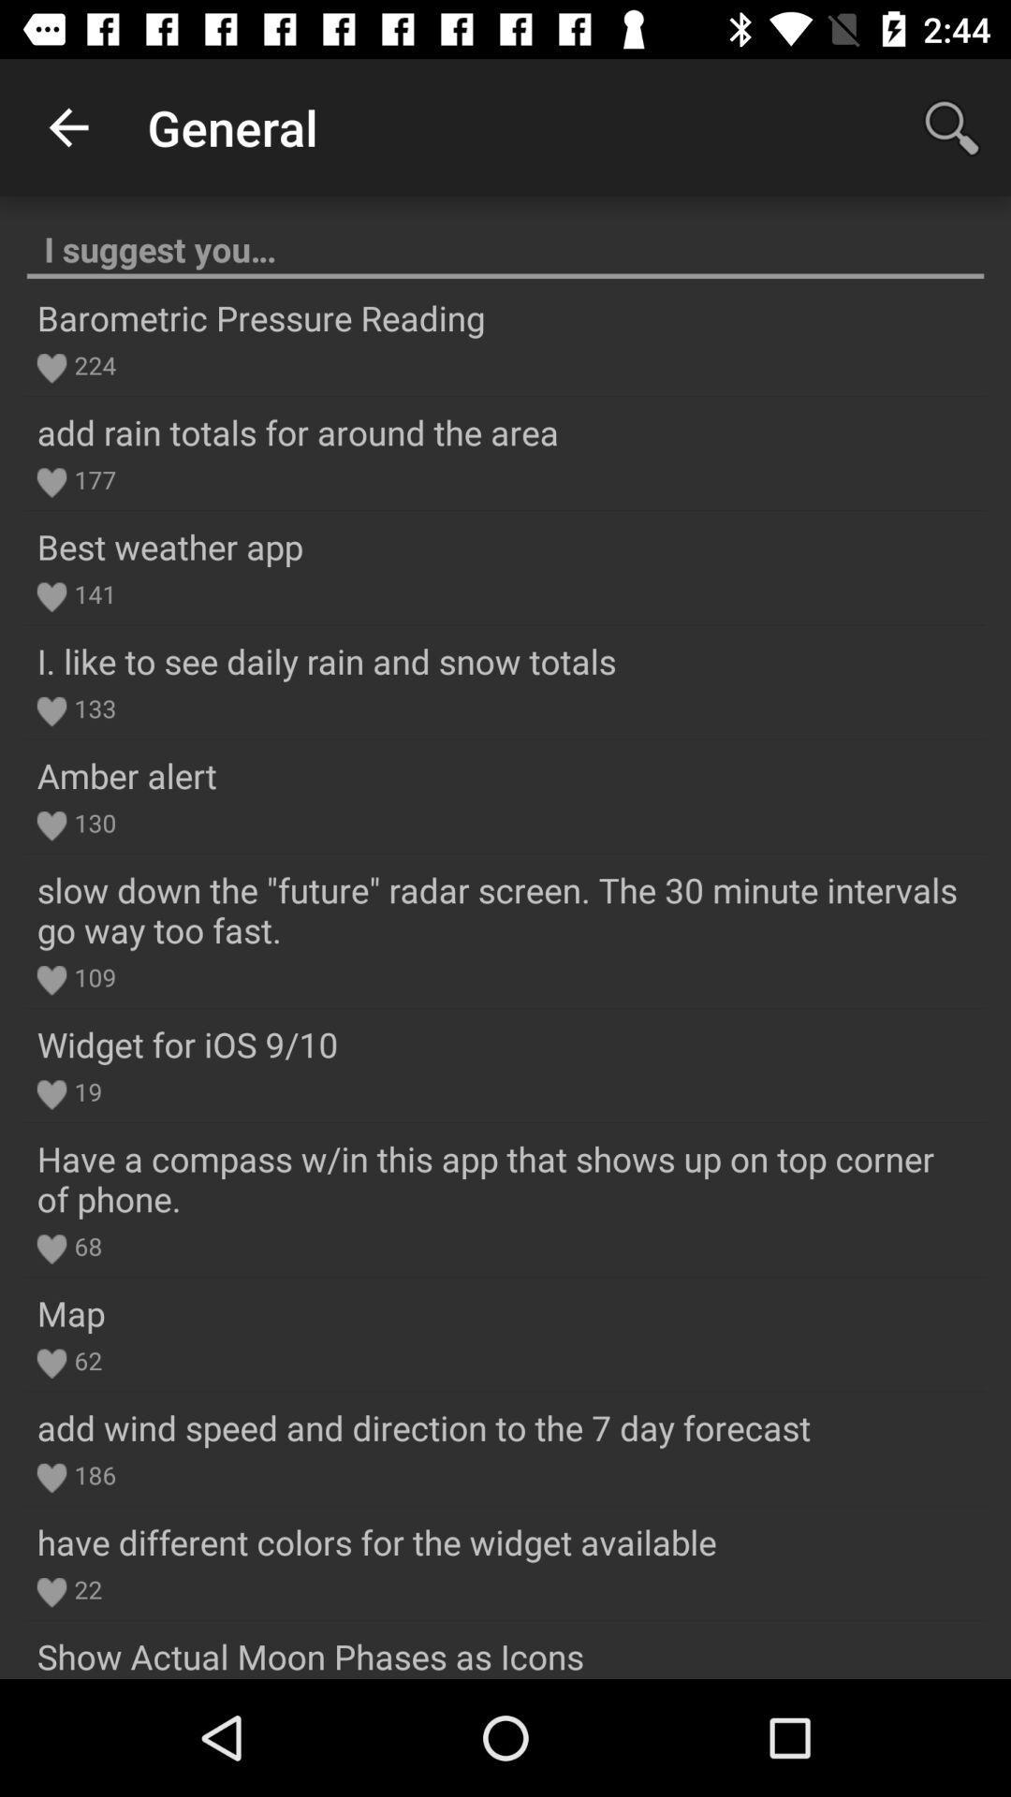 The image size is (1011, 1797). Describe the element at coordinates (67, 126) in the screenshot. I see `the app next to general app` at that location.